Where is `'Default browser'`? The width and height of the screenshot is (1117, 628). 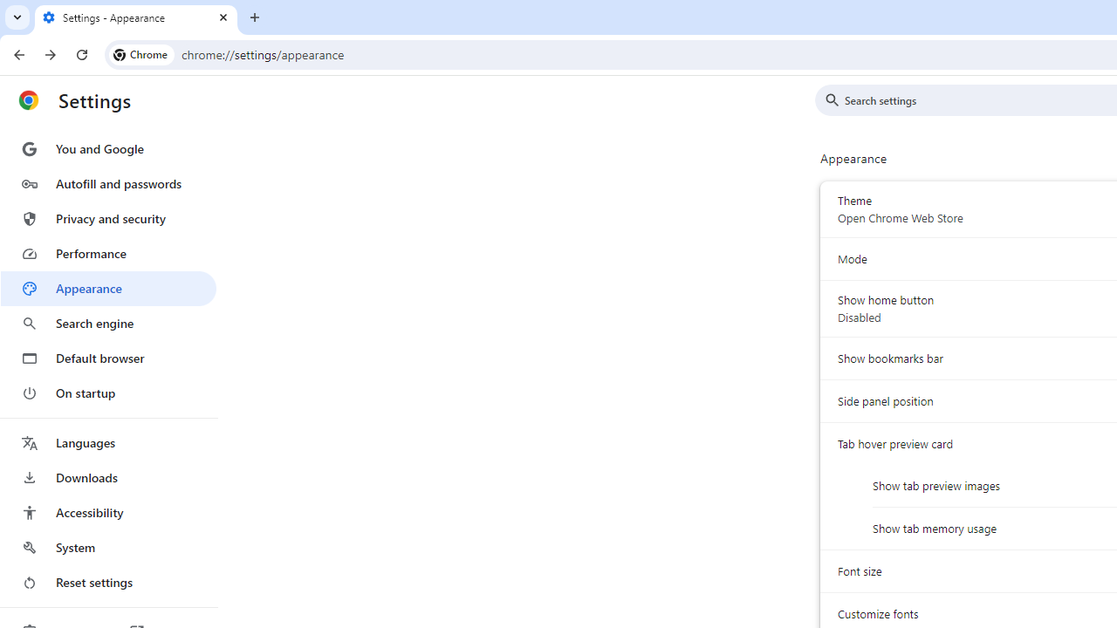
'Default browser' is located at coordinates (107, 358).